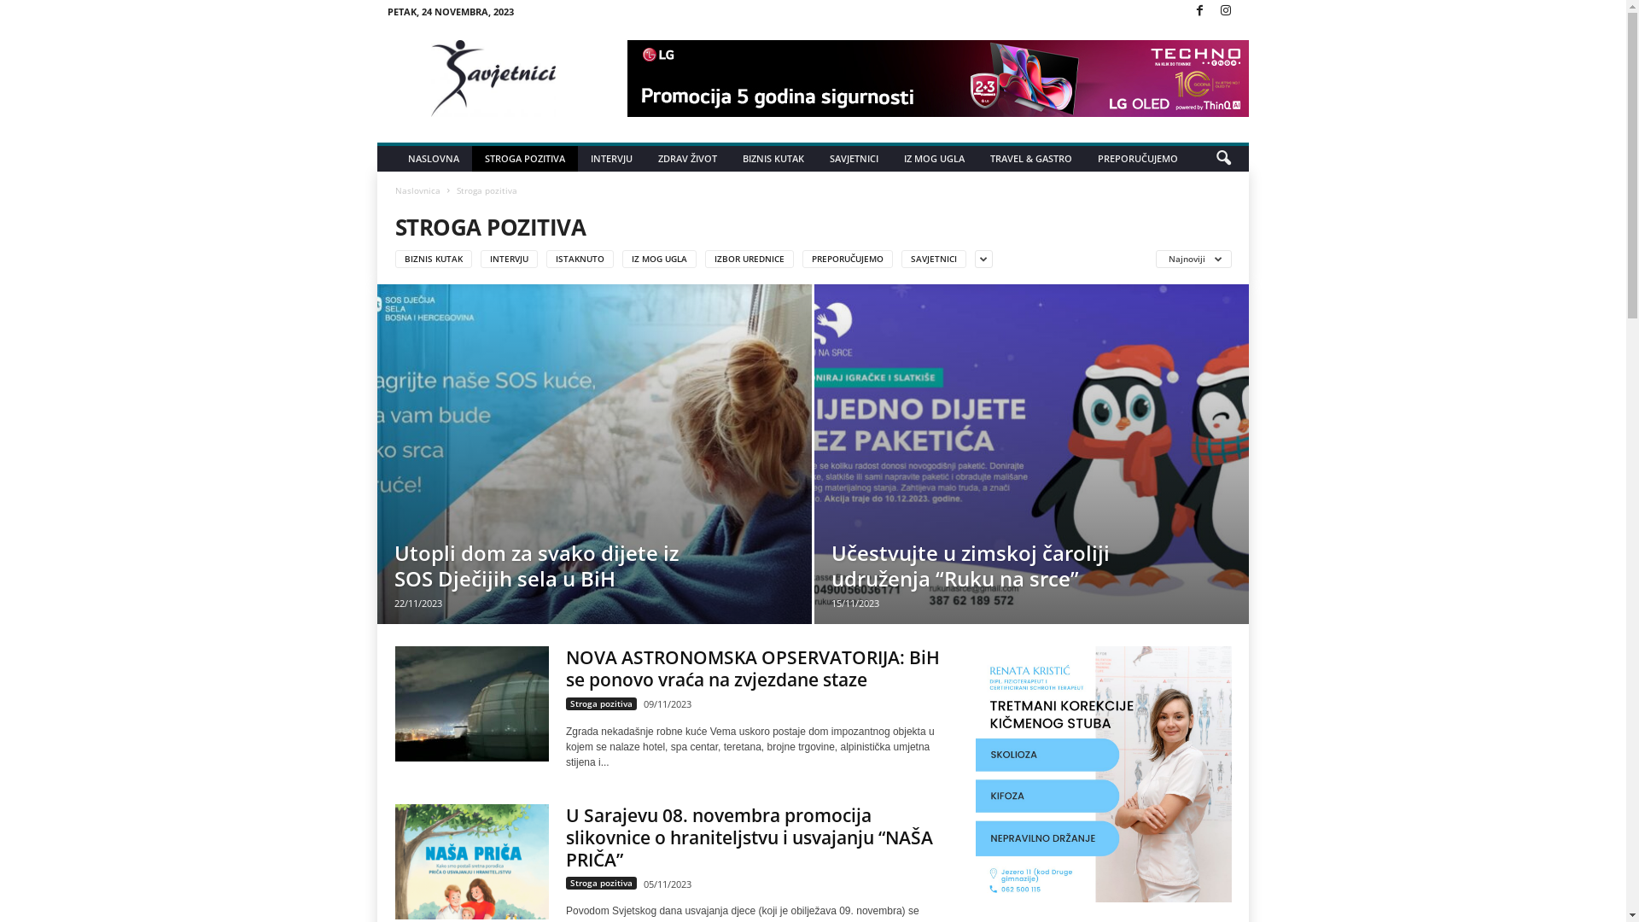 Image resolution: width=1639 pixels, height=922 pixels. What do you see at coordinates (1030, 158) in the screenshot?
I see `'TRAVEL & GASTRO'` at bounding box center [1030, 158].